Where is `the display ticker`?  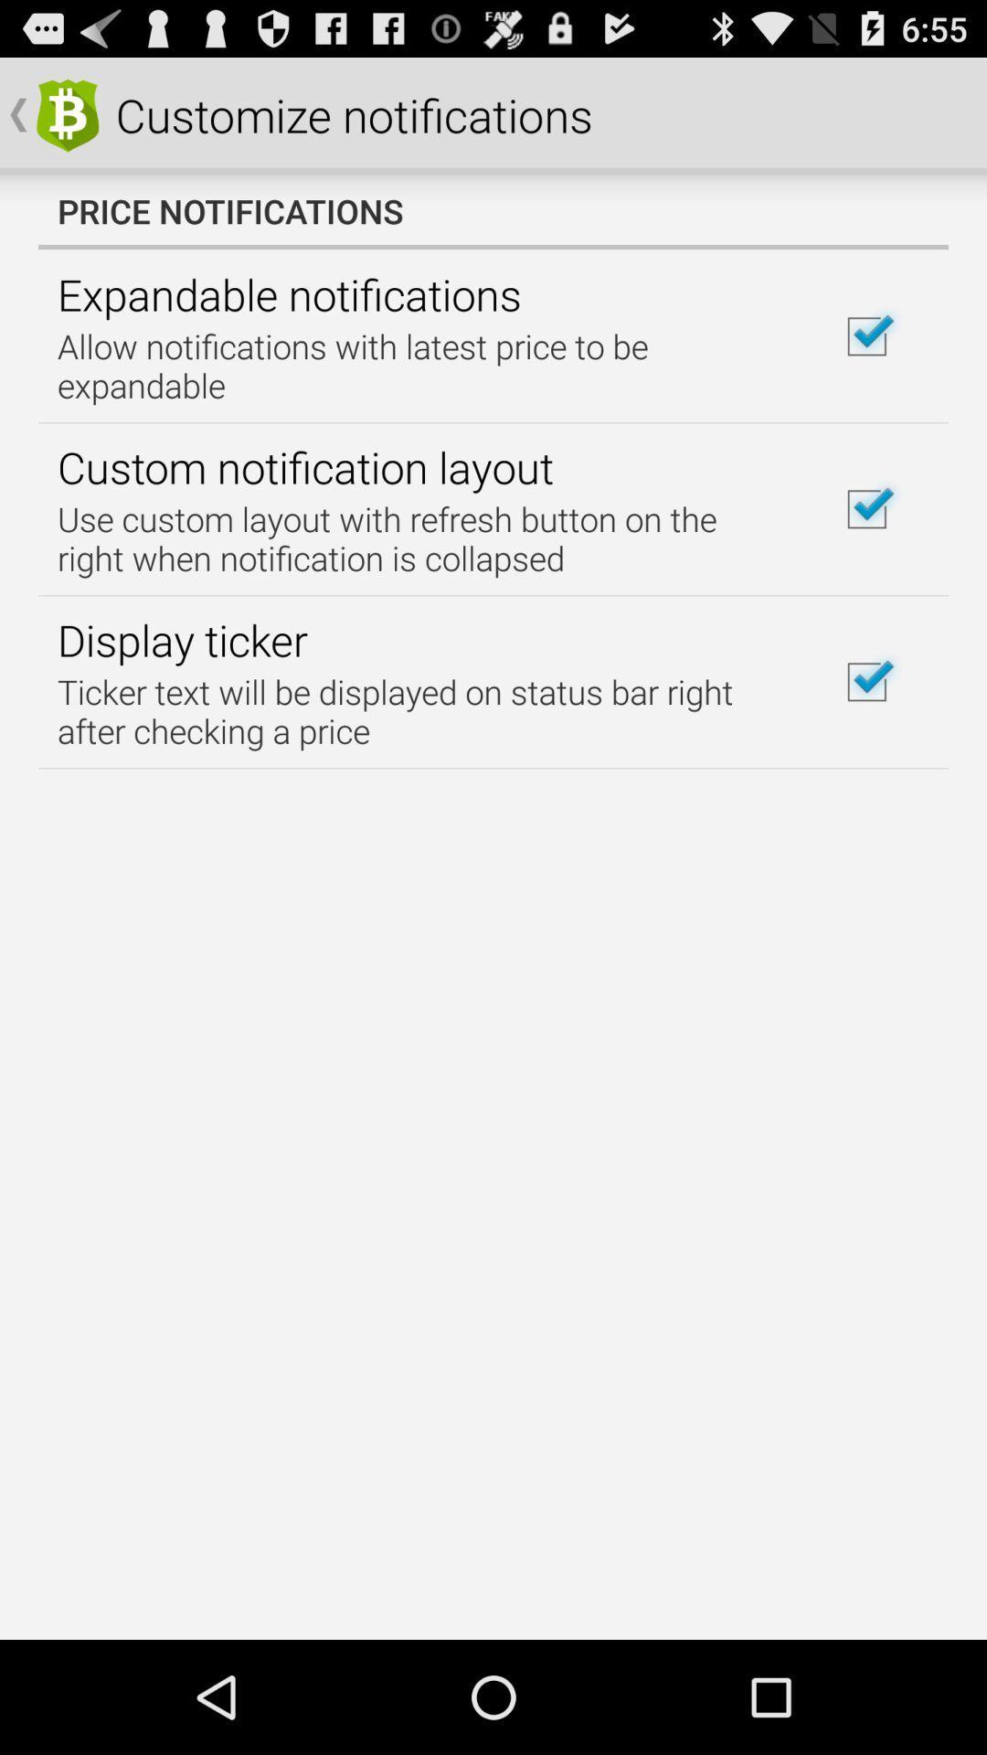 the display ticker is located at coordinates (182, 640).